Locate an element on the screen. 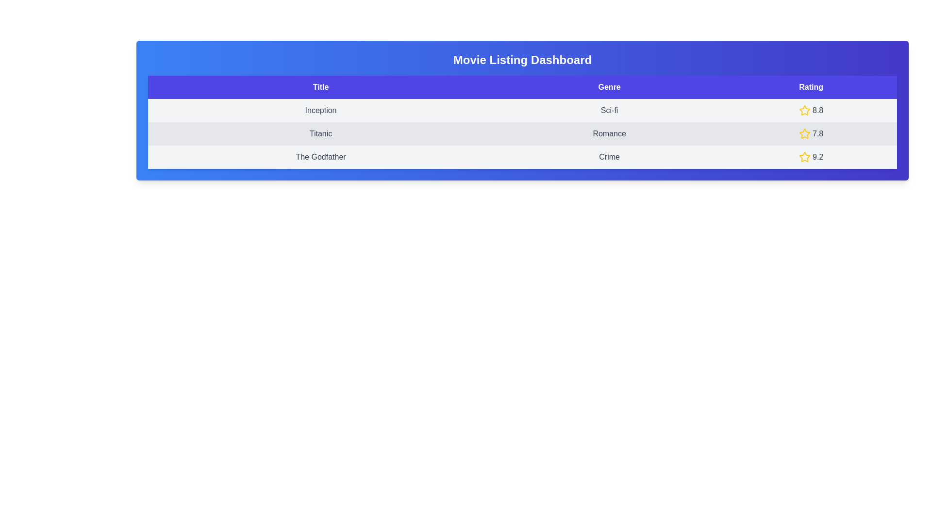 Image resolution: width=932 pixels, height=524 pixels. the yellow star-shaped icon in the 'Rating' column of the last row is located at coordinates (804, 156).